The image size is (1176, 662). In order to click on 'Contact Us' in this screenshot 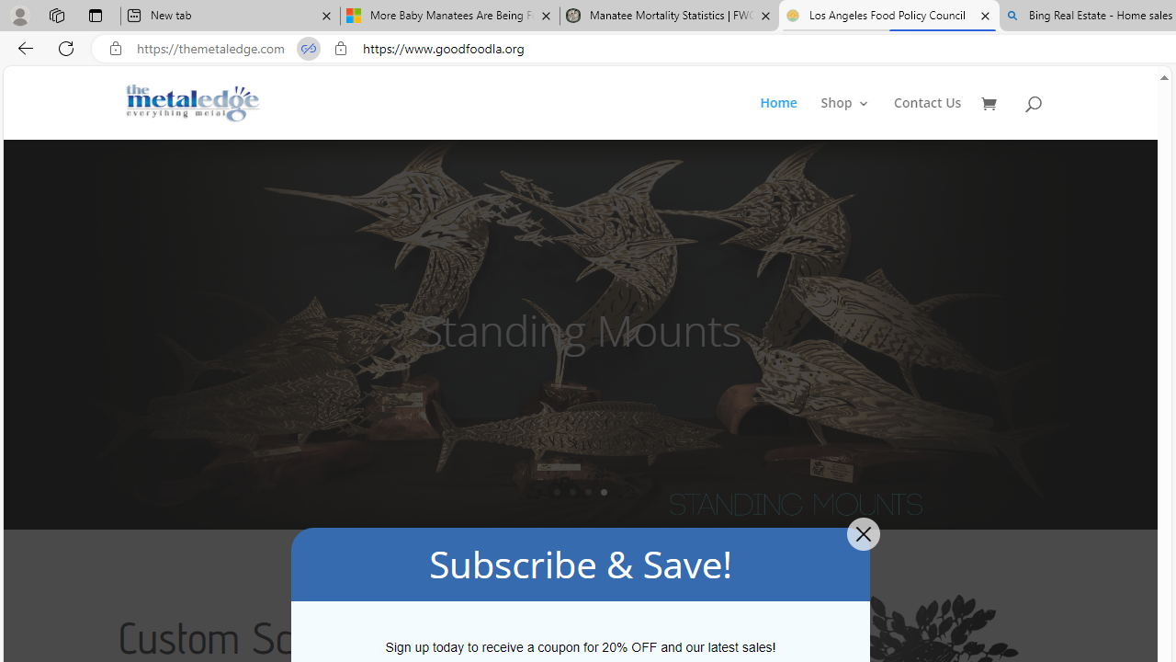, I will do `click(927, 118)`.